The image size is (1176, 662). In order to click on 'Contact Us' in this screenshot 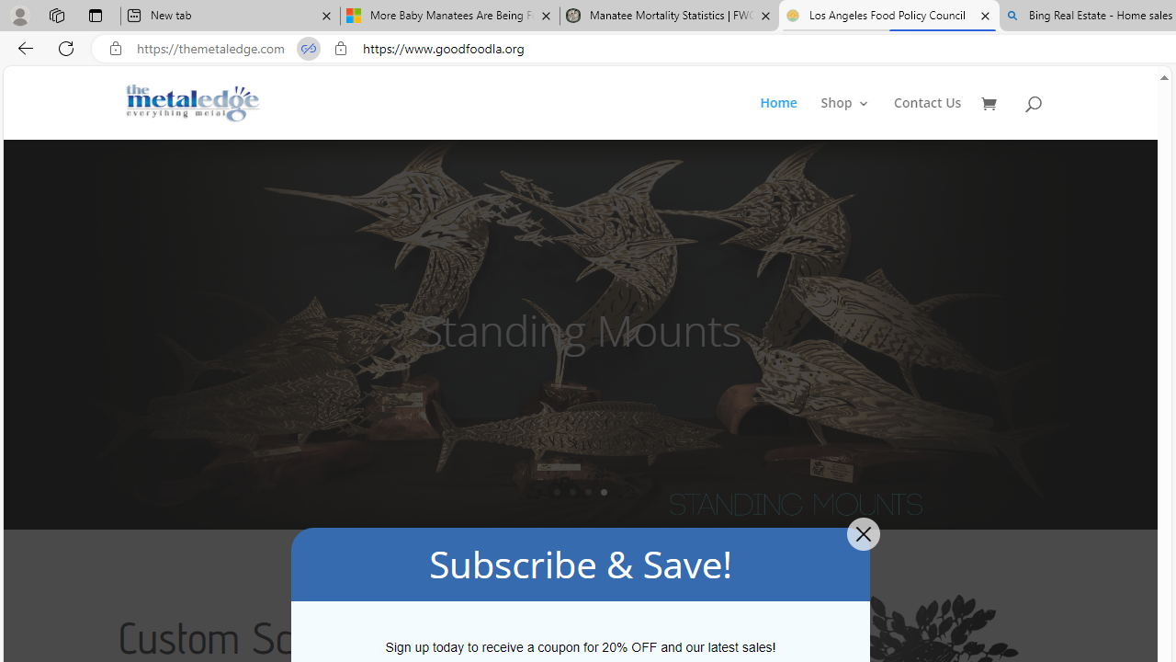, I will do `click(927, 118)`.